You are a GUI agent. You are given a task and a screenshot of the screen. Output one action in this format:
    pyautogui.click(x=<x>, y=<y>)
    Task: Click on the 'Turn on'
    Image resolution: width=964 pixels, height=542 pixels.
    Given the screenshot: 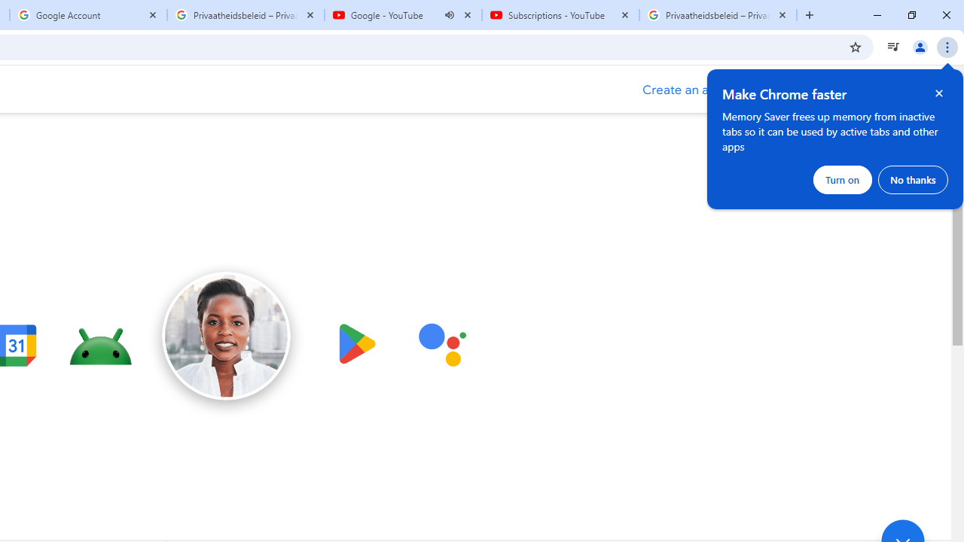 What is the action you would take?
    pyautogui.click(x=842, y=179)
    